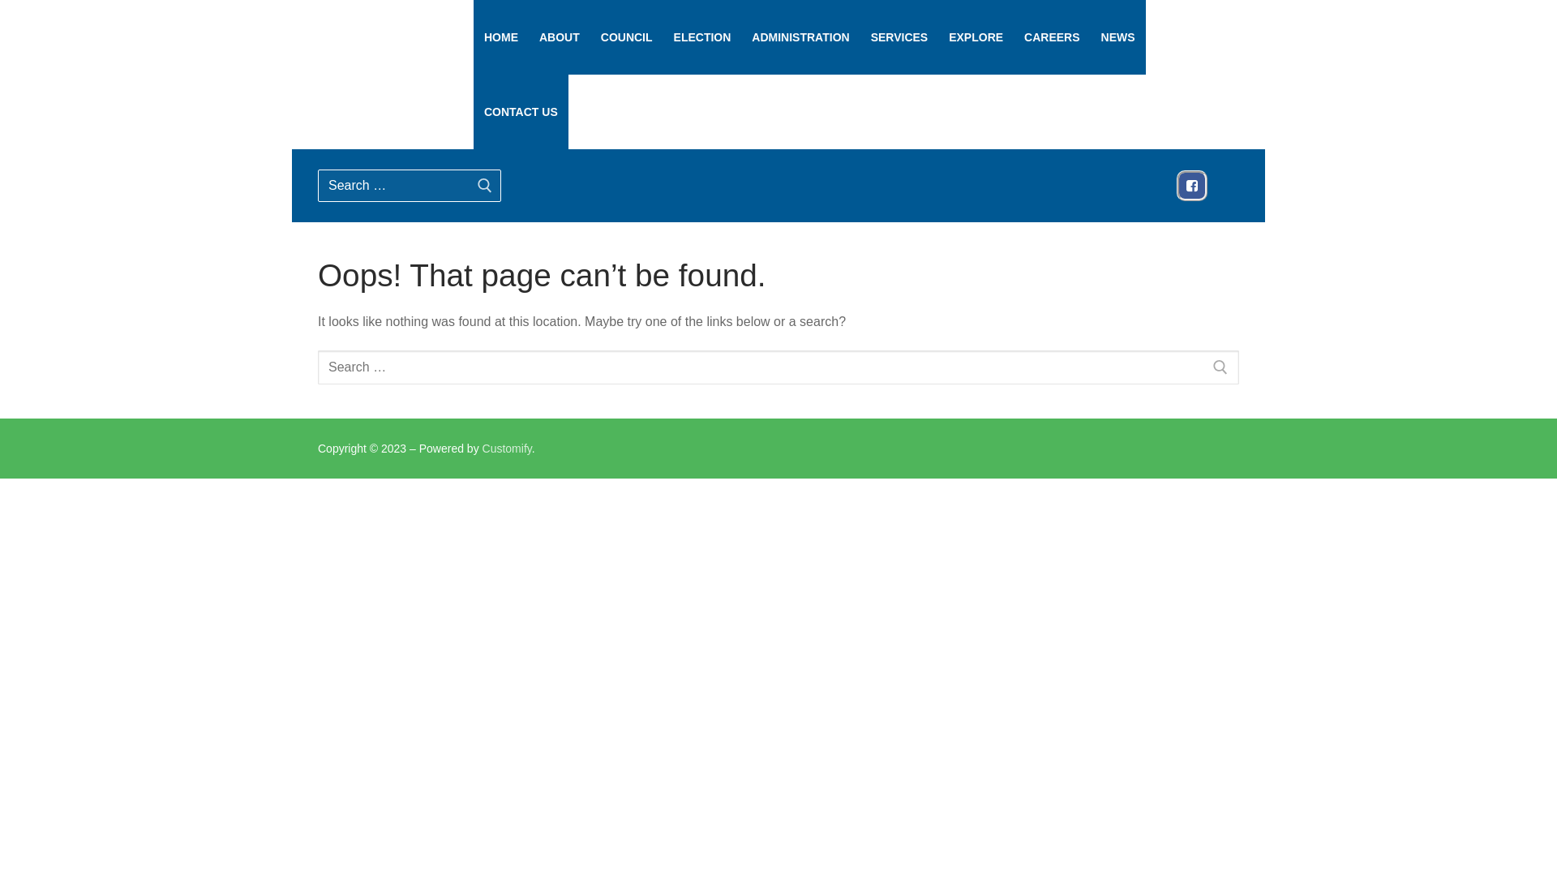 The height and width of the screenshot is (876, 1557). Describe the element at coordinates (625, 36) in the screenshot. I see `'COUNCIL'` at that location.